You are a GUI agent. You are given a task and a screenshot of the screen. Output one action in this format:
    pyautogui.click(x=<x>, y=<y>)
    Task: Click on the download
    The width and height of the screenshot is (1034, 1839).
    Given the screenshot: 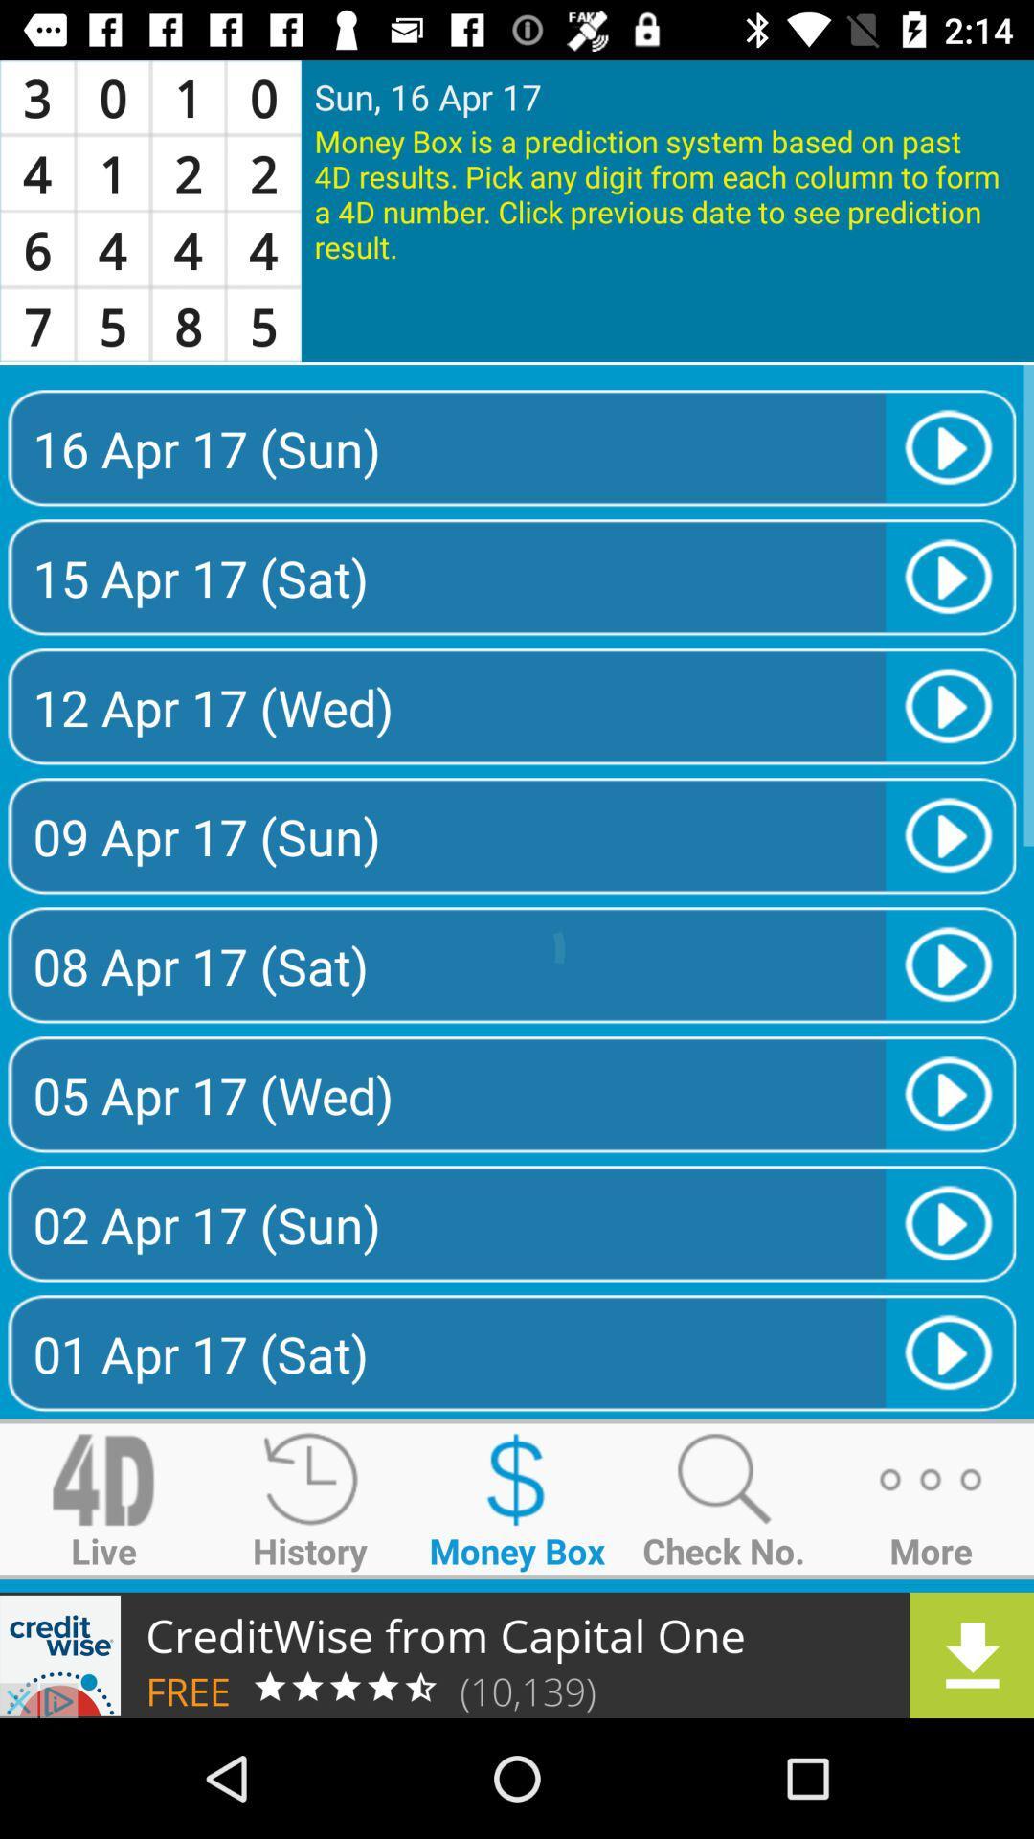 What is the action you would take?
    pyautogui.click(x=517, y=1654)
    